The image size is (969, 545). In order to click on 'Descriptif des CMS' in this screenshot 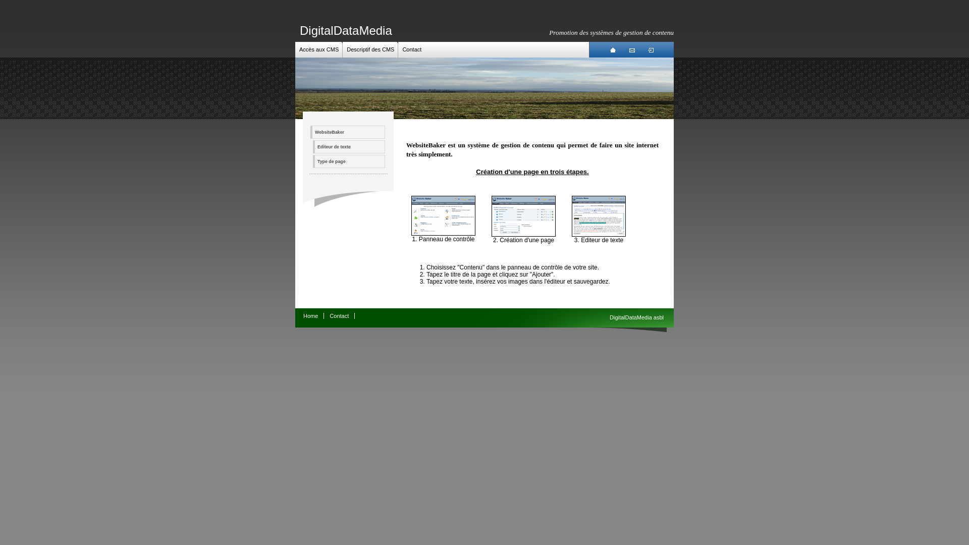, I will do `click(346, 49)`.